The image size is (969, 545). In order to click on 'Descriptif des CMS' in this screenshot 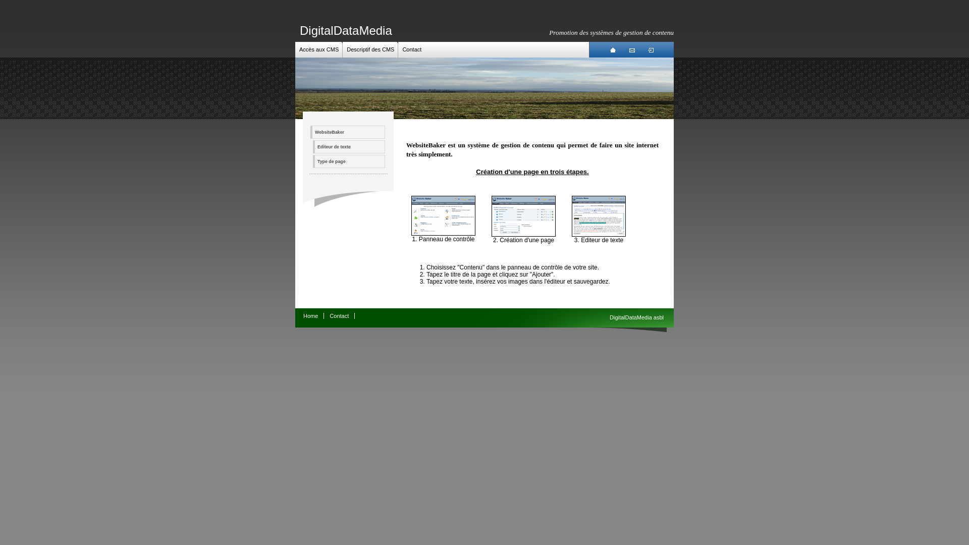, I will do `click(346, 49)`.